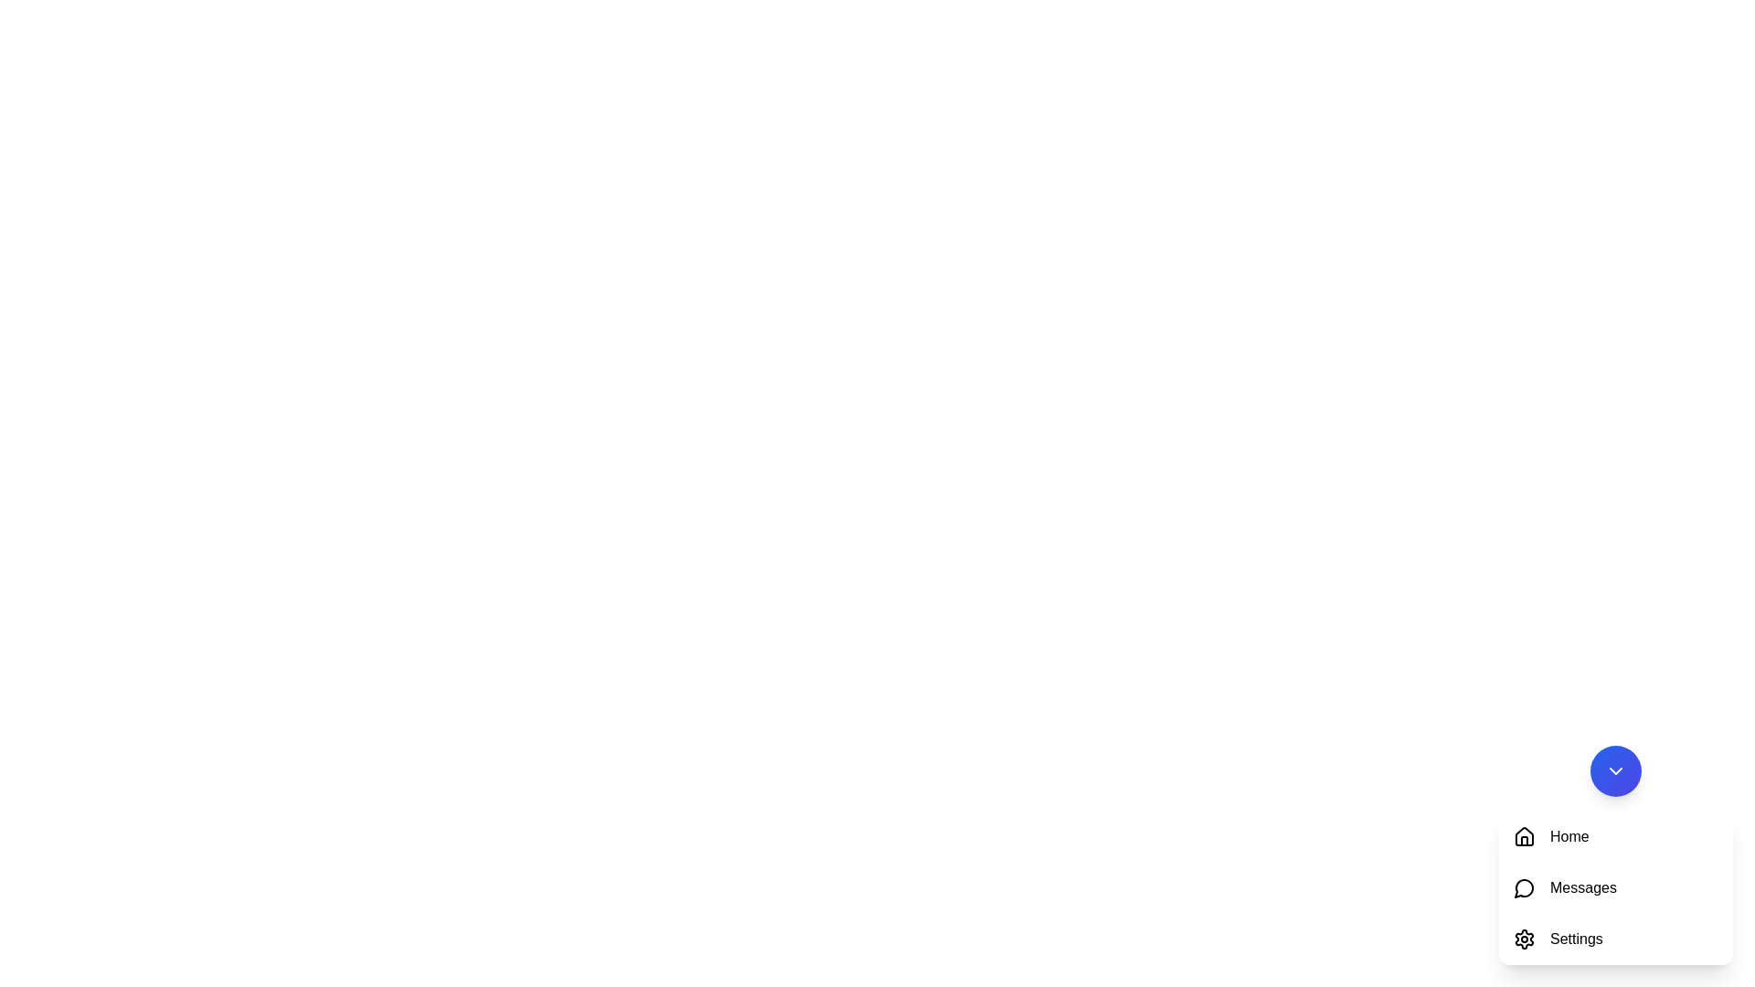 This screenshot has width=1755, height=987. What do you see at coordinates (1615, 887) in the screenshot?
I see `the second item in the navigation menu` at bounding box center [1615, 887].